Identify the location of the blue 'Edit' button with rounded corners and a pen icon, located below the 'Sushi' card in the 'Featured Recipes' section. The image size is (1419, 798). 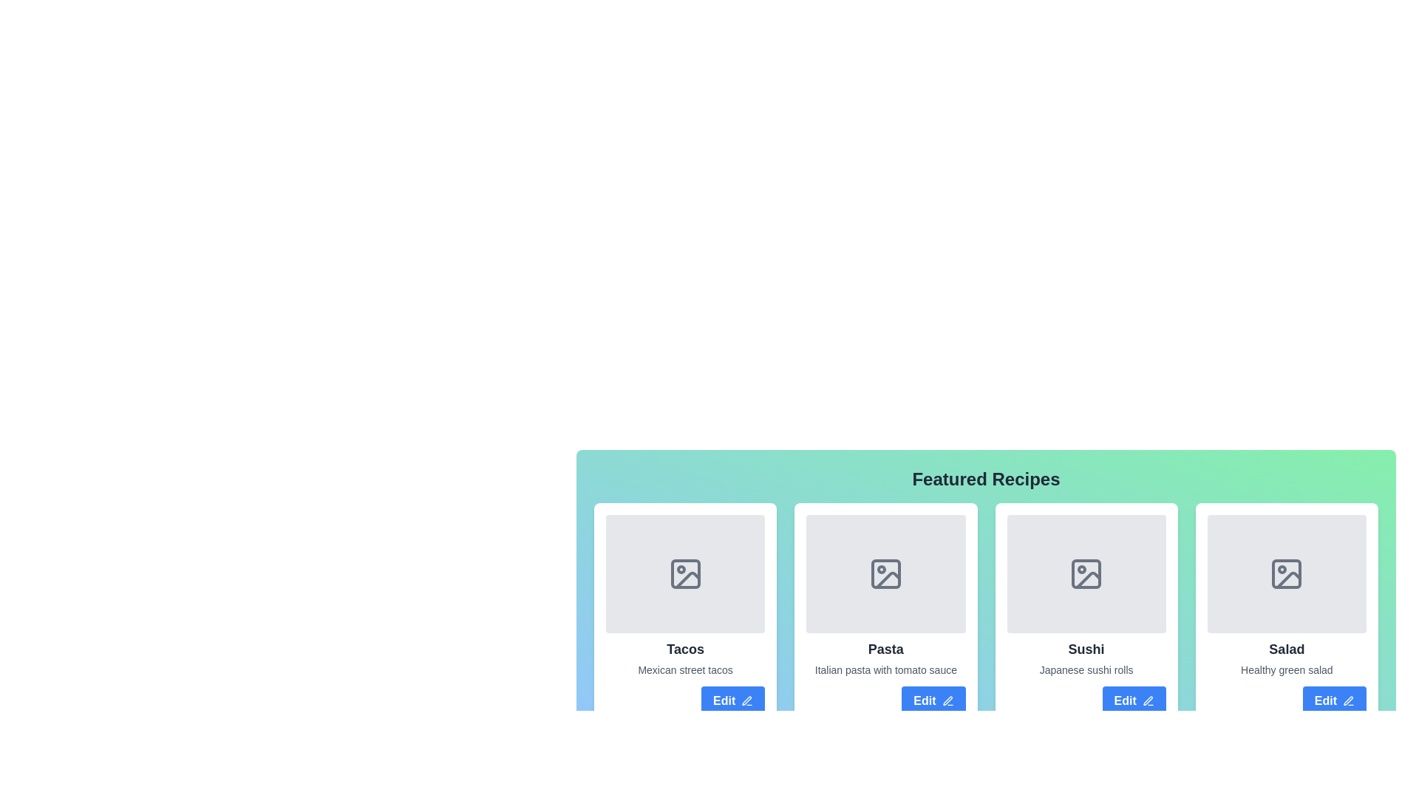
(1133, 700).